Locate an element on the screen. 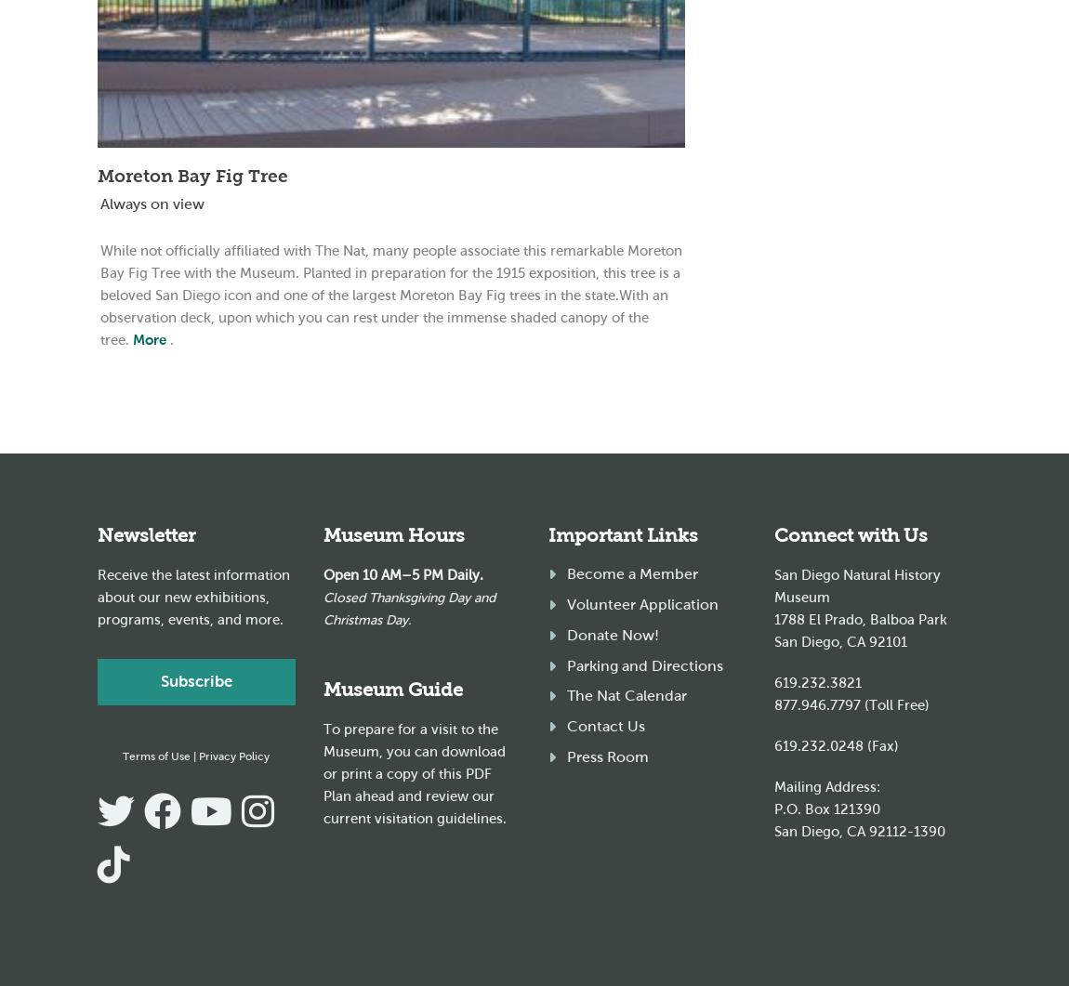  'Mailing Address:' is located at coordinates (772, 786).